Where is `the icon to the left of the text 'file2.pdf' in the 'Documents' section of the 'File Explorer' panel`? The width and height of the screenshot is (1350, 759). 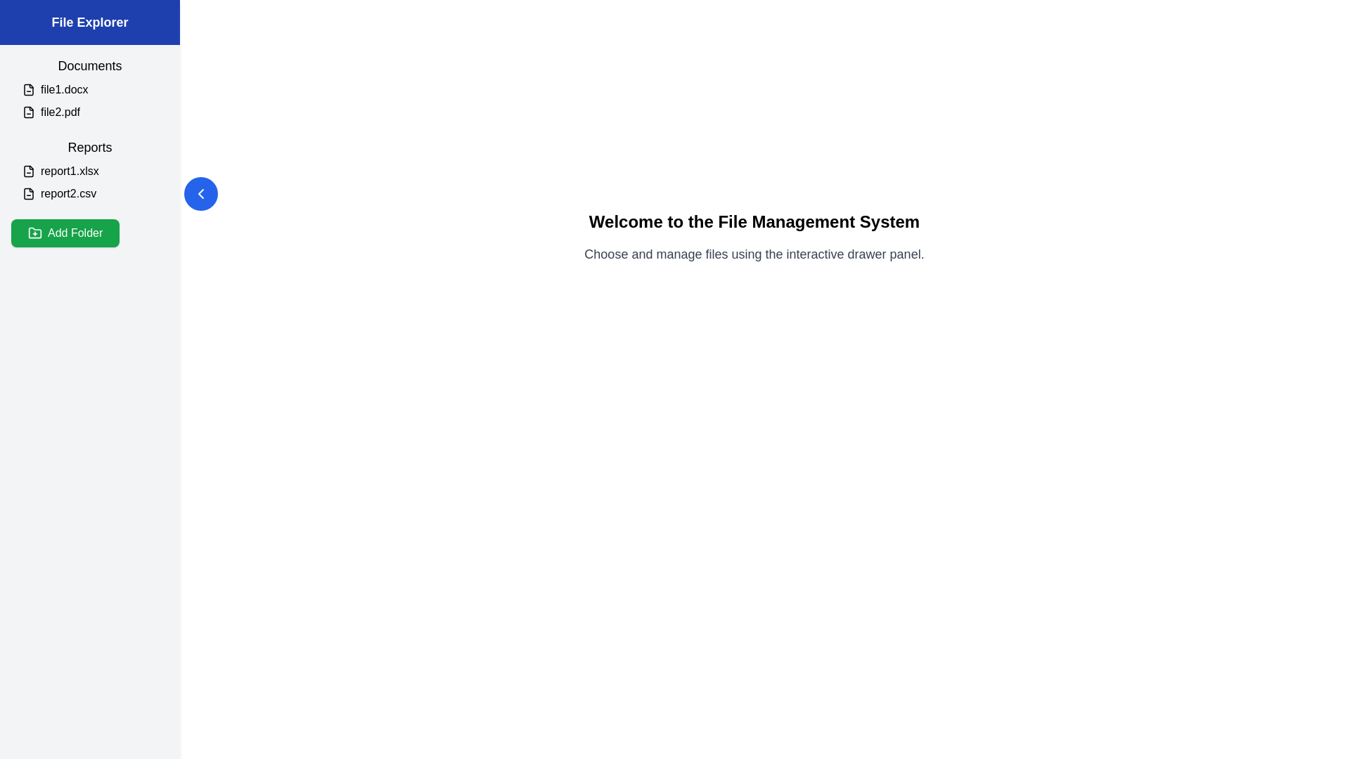
the icon to the left of the text 'file2.pdf' in the 'Documents' section of the 'File Explorer' panel is located at coordinates (29, 111).